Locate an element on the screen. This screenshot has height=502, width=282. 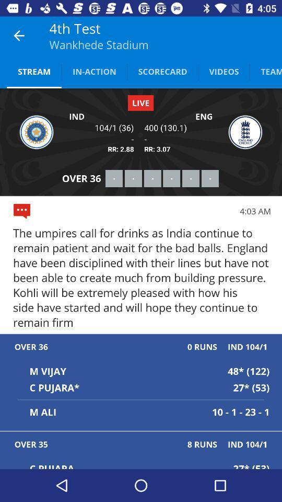
the app above stream is located at coordinates (19, 36).